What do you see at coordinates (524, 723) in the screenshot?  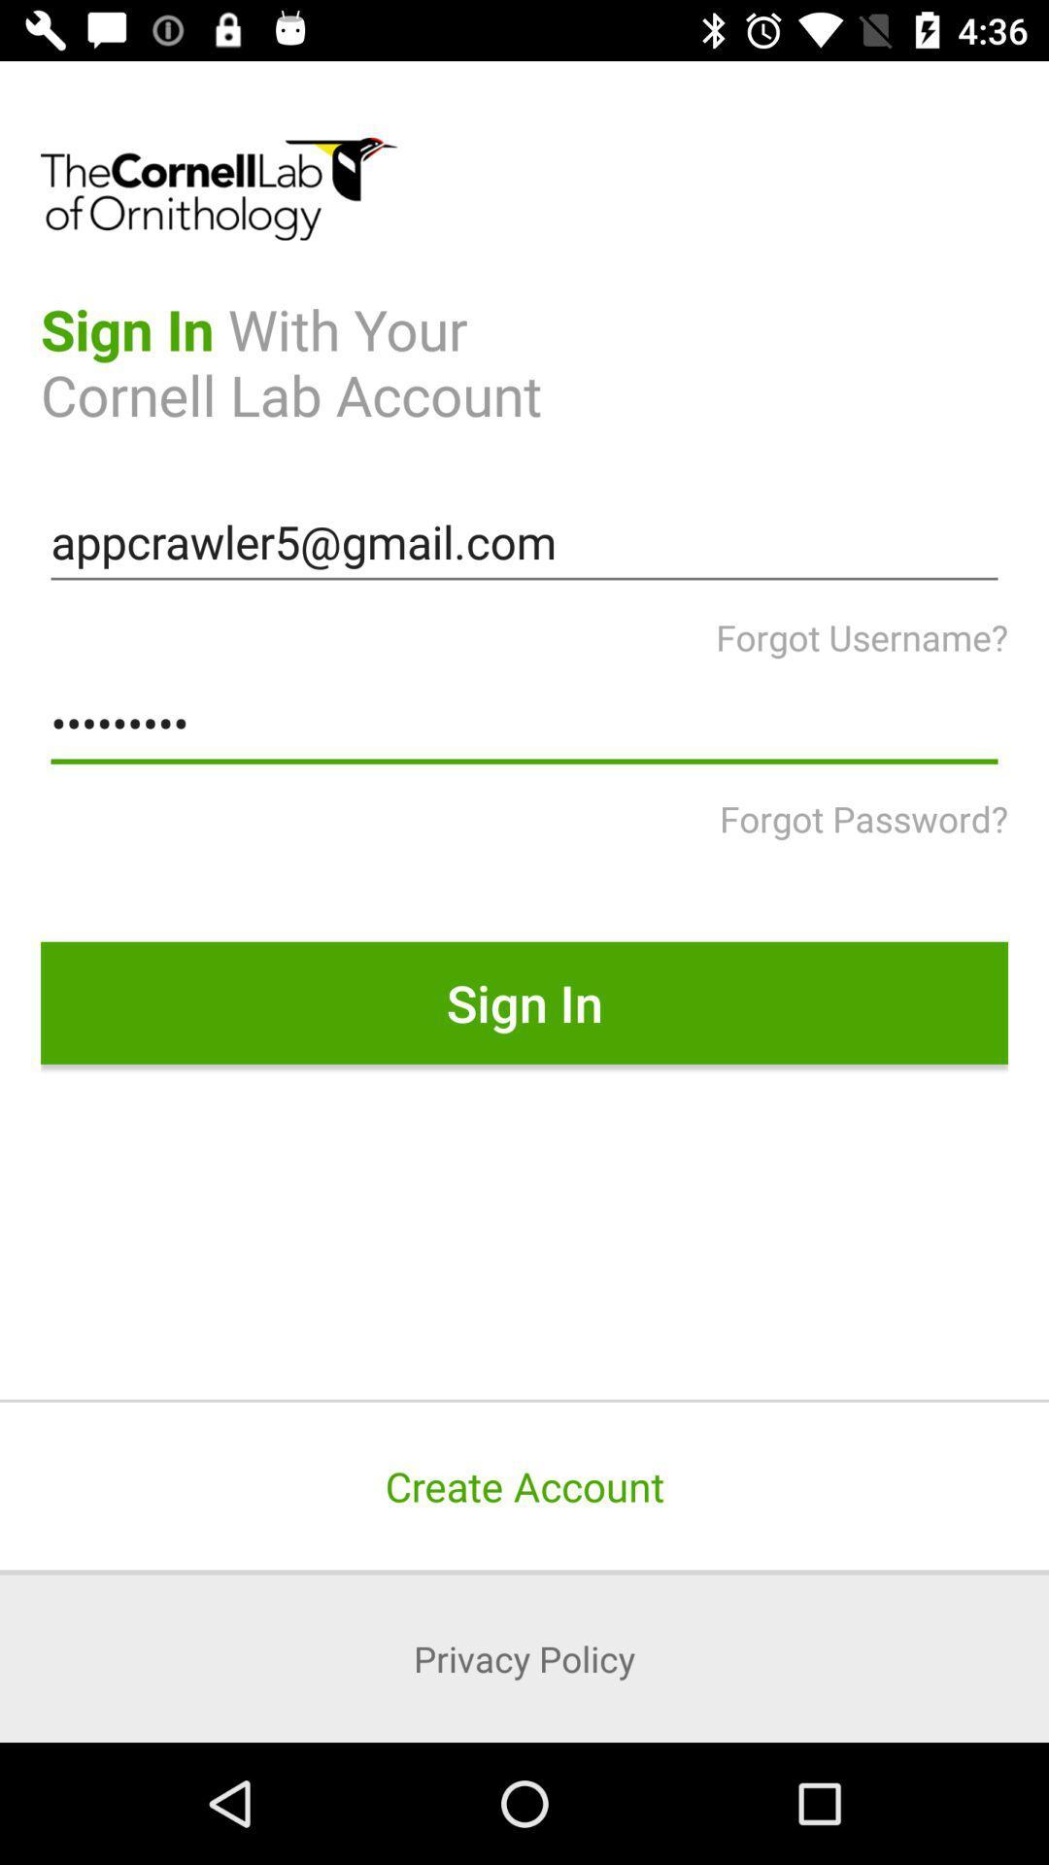 I see `item below the forgot username? icon` at bounding box center [524, 723].